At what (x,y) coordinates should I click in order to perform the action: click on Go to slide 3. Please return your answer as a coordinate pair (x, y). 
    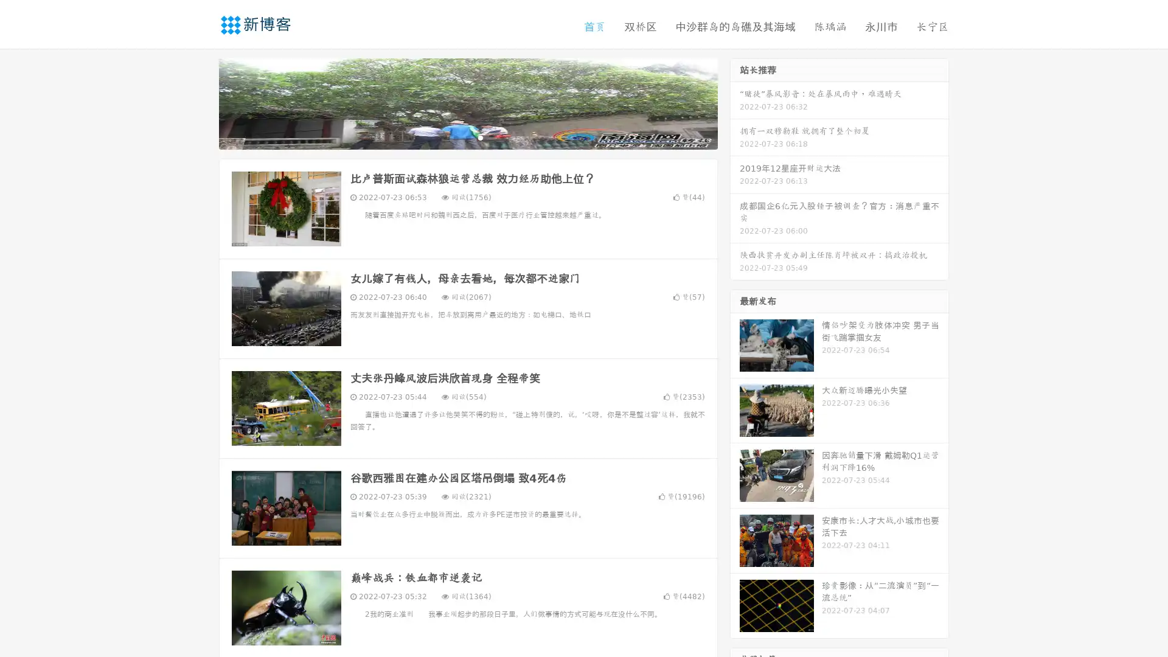
    Looking at the image, I should click on (480, 137).